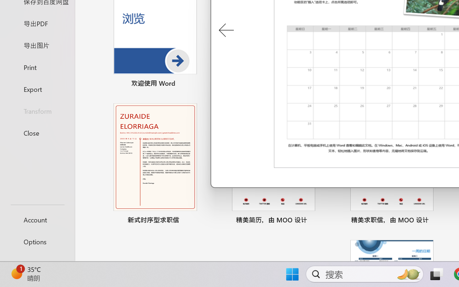 The image size is (459, 287). I want to click on 'Export', so click(37, 89).